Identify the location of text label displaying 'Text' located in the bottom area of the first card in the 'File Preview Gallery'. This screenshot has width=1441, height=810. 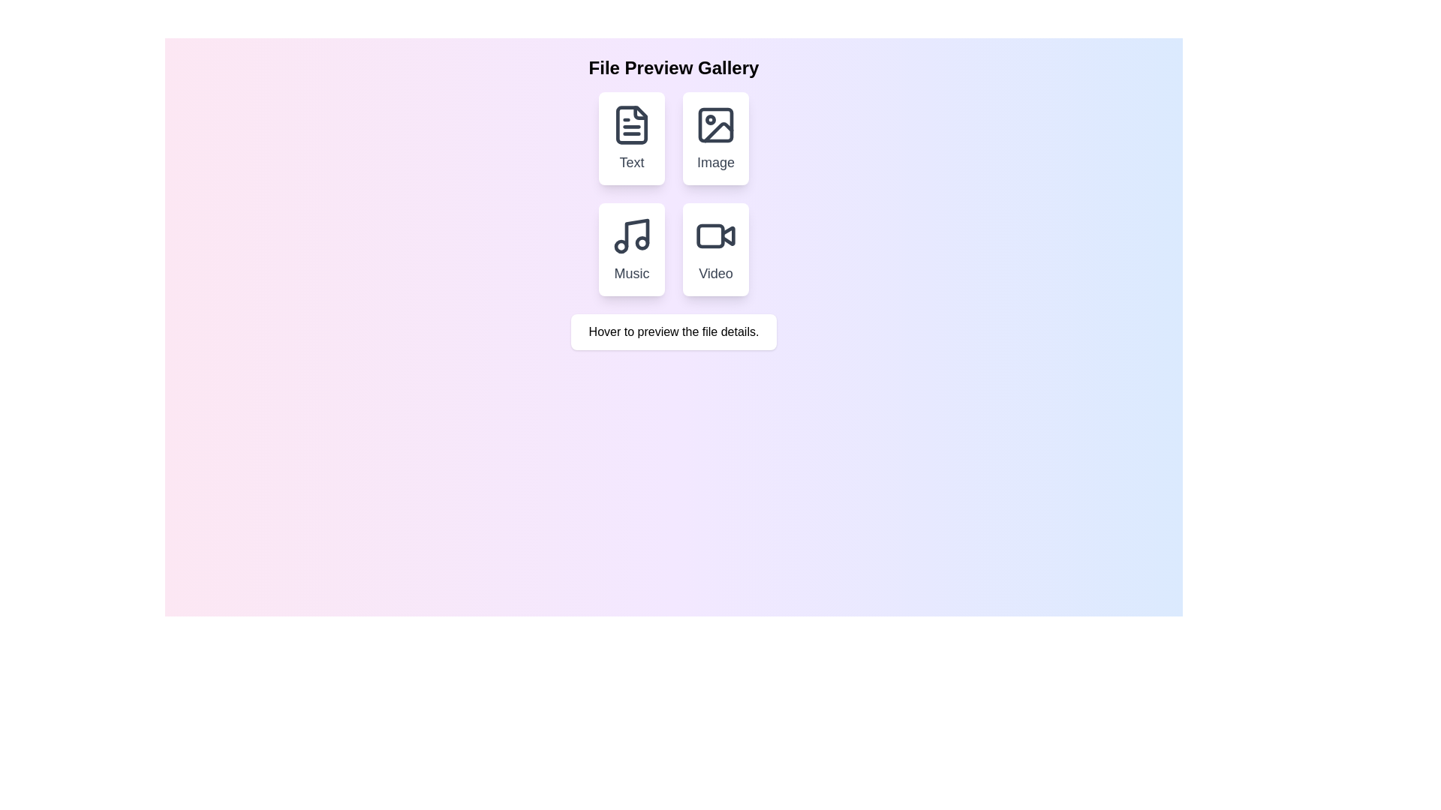
(631, 162).